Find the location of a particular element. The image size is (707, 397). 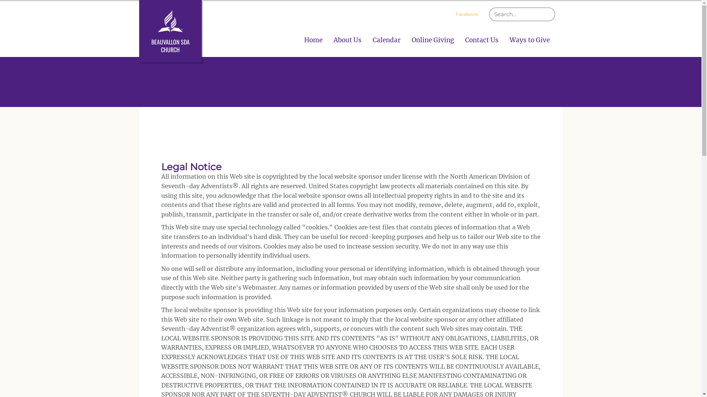

'Home' is located at coordinates (313, 40).